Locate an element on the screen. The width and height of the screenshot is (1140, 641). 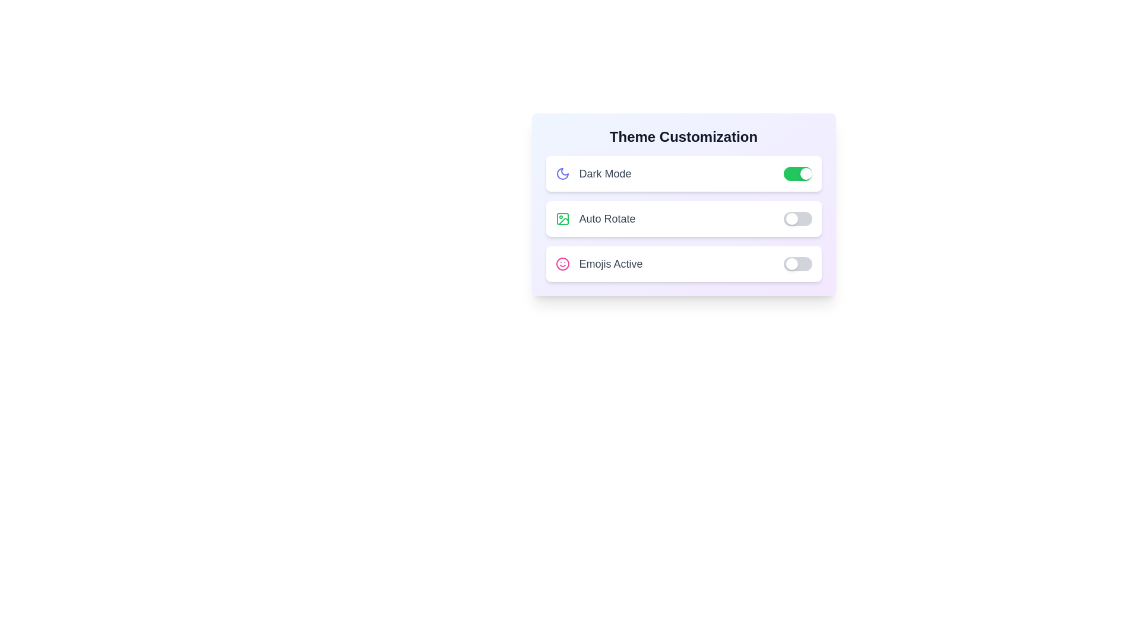
the decorative icon representing the 'Emojis Active' feature located in the 'Theme Customization' panel, situated to the left of the text label and aligned with the toggle switch is located at coordinates (562, 263).